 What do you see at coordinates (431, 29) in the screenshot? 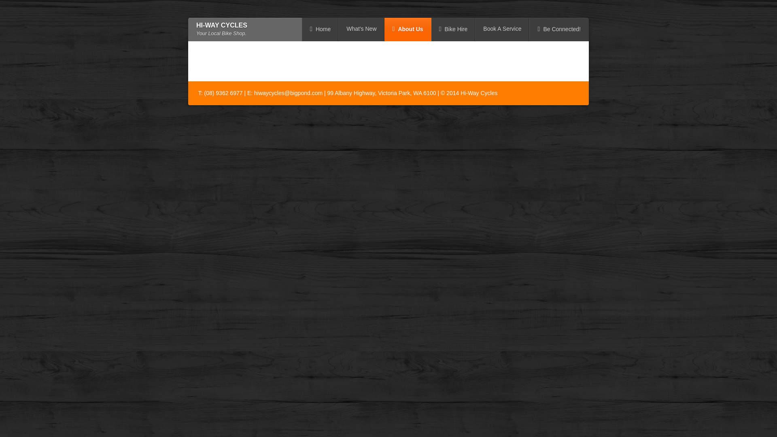
I see `'Bike Hire'` at bounding box center [431, 29].